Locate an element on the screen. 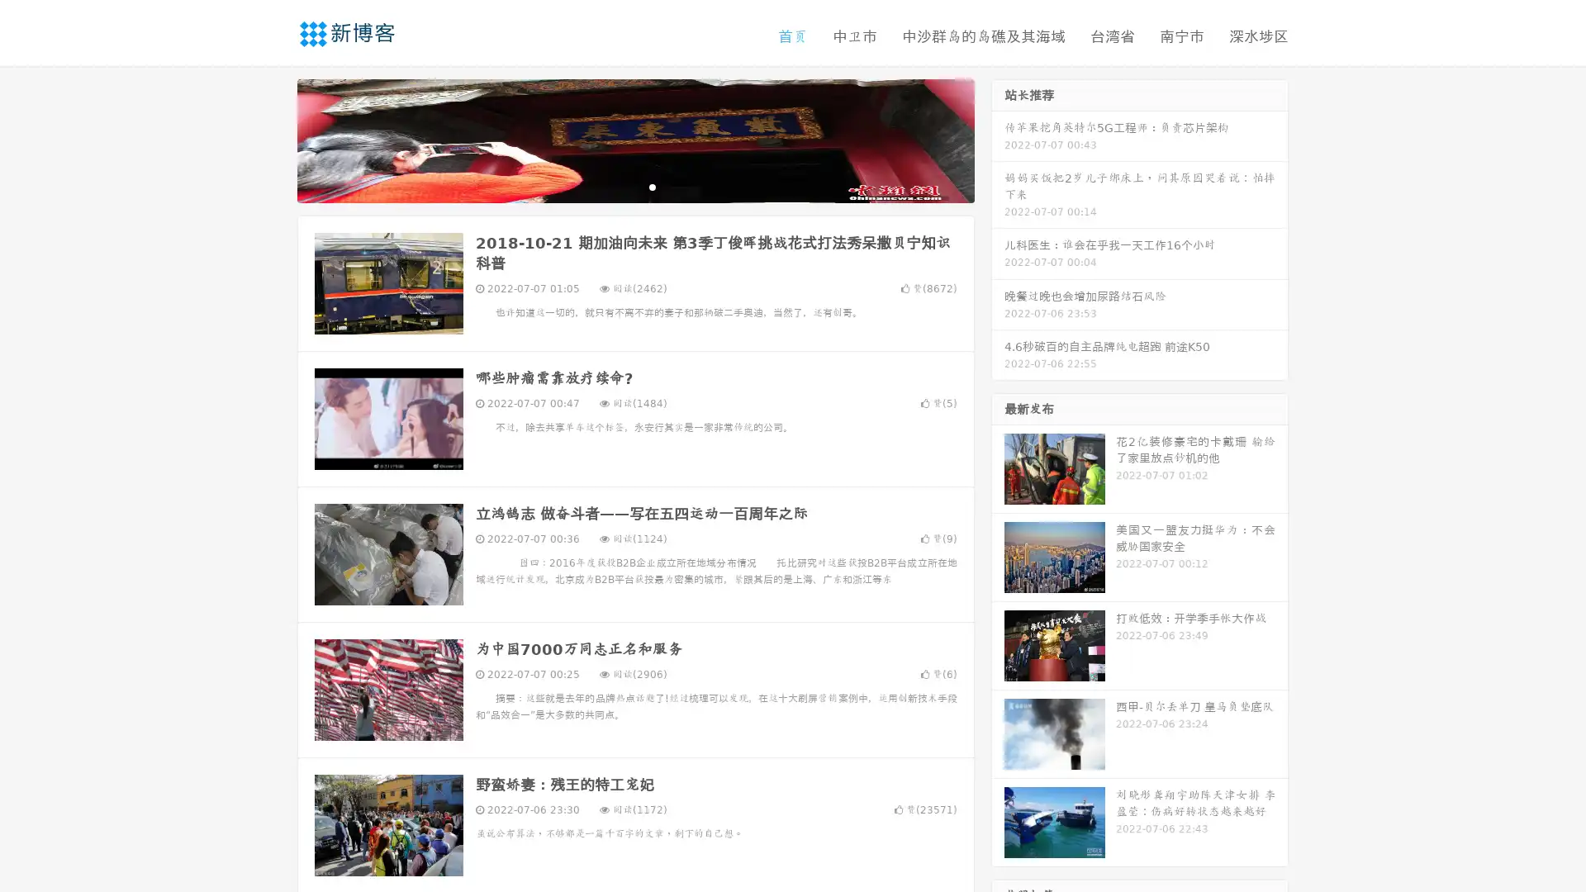 This screenshot has width=1586, height=892. Go to slide 2 is located at coordinates (634, 186).